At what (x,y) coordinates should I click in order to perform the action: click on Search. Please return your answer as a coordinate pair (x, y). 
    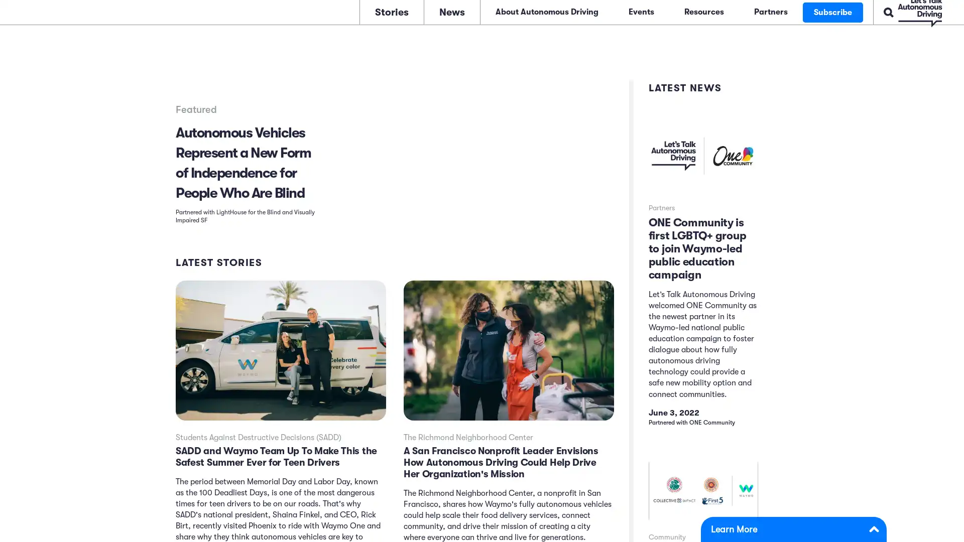
    Looking at the image, I should click on (856, 11).